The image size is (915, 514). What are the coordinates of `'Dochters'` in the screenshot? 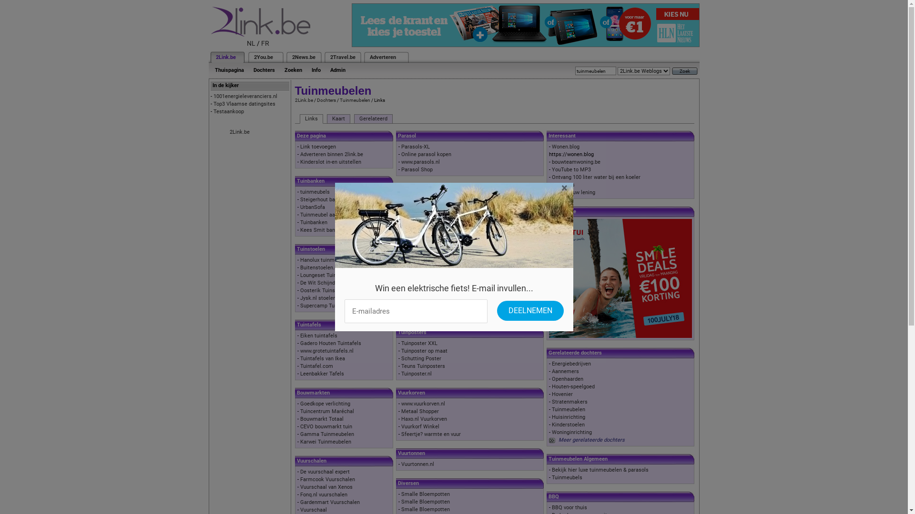 It's located at (264, 69).